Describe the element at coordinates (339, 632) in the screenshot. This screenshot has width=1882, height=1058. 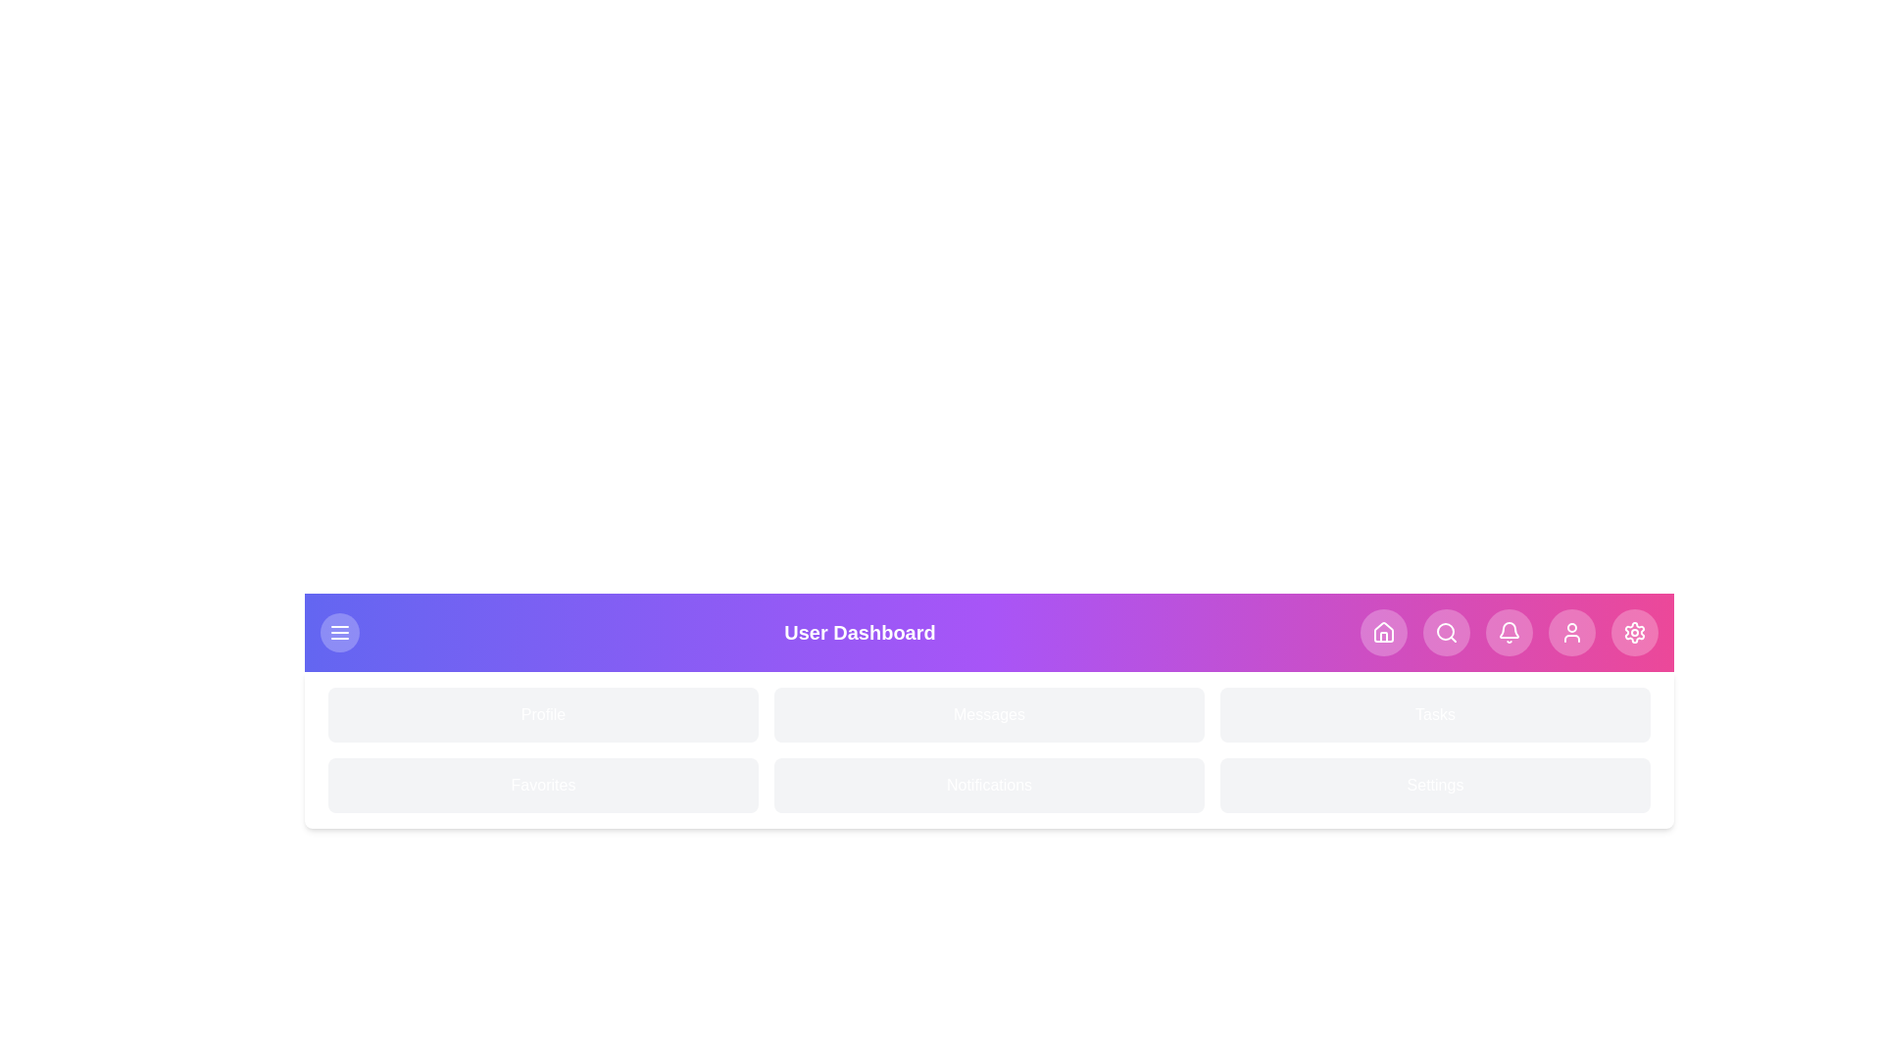
I see `the menu button to toggle the menu visibility` at that location.